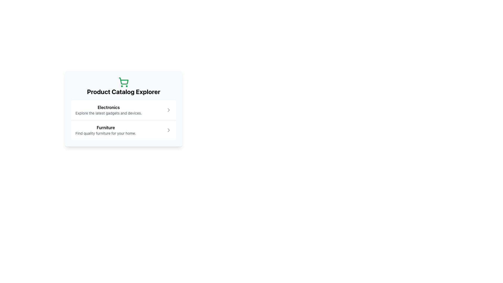 The height and width of the screenshot is (283, 503). I want to click on the navigational icon located at the far right of the 'Electronics' row in the 'Product Catalog Explorer' interface, so click(168, 110).